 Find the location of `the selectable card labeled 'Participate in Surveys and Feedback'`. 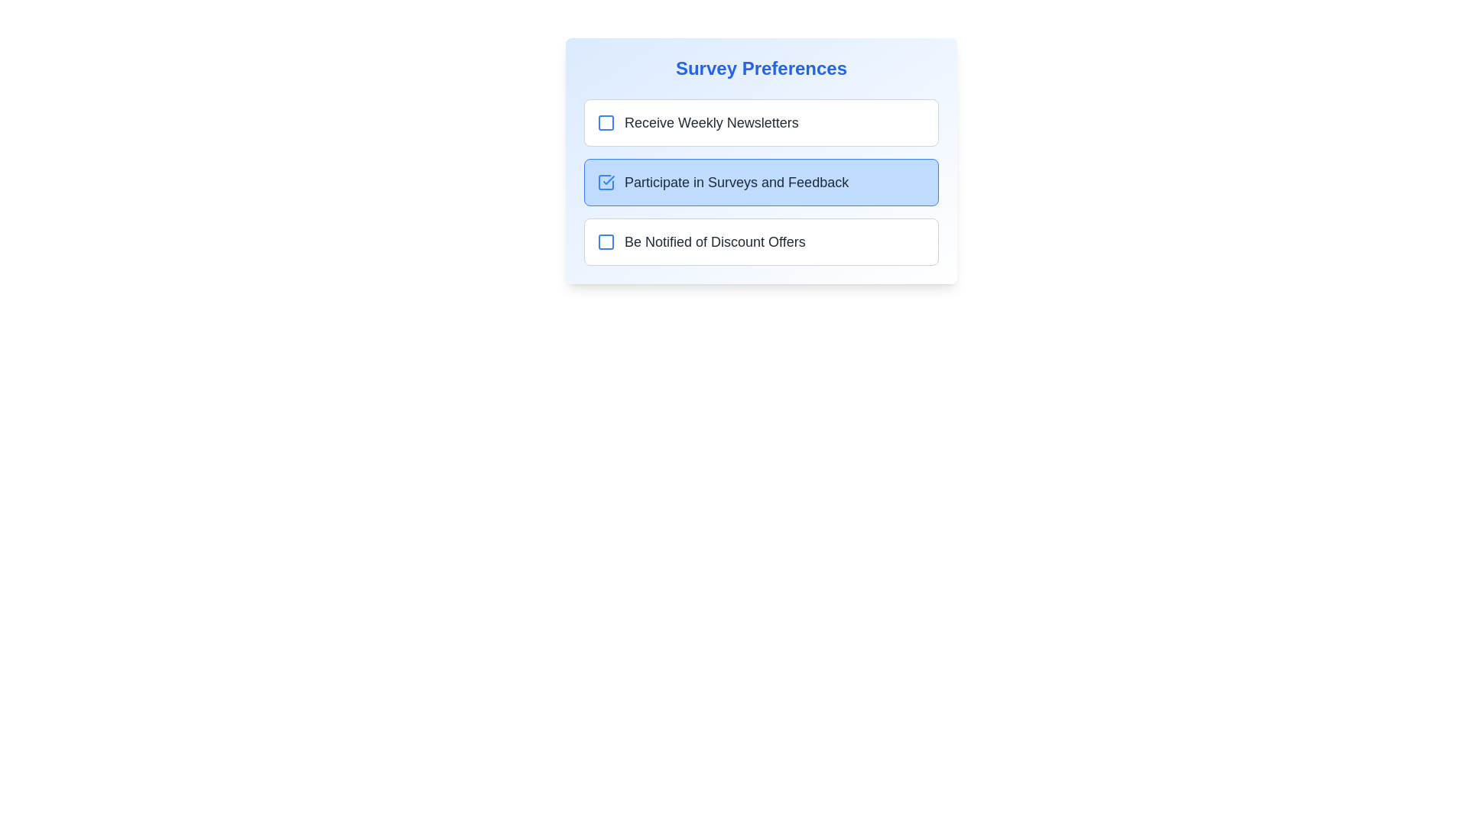

the selectable card labeled 'Participate in Surveys and Feedback' is located at coordinates (762, 161).